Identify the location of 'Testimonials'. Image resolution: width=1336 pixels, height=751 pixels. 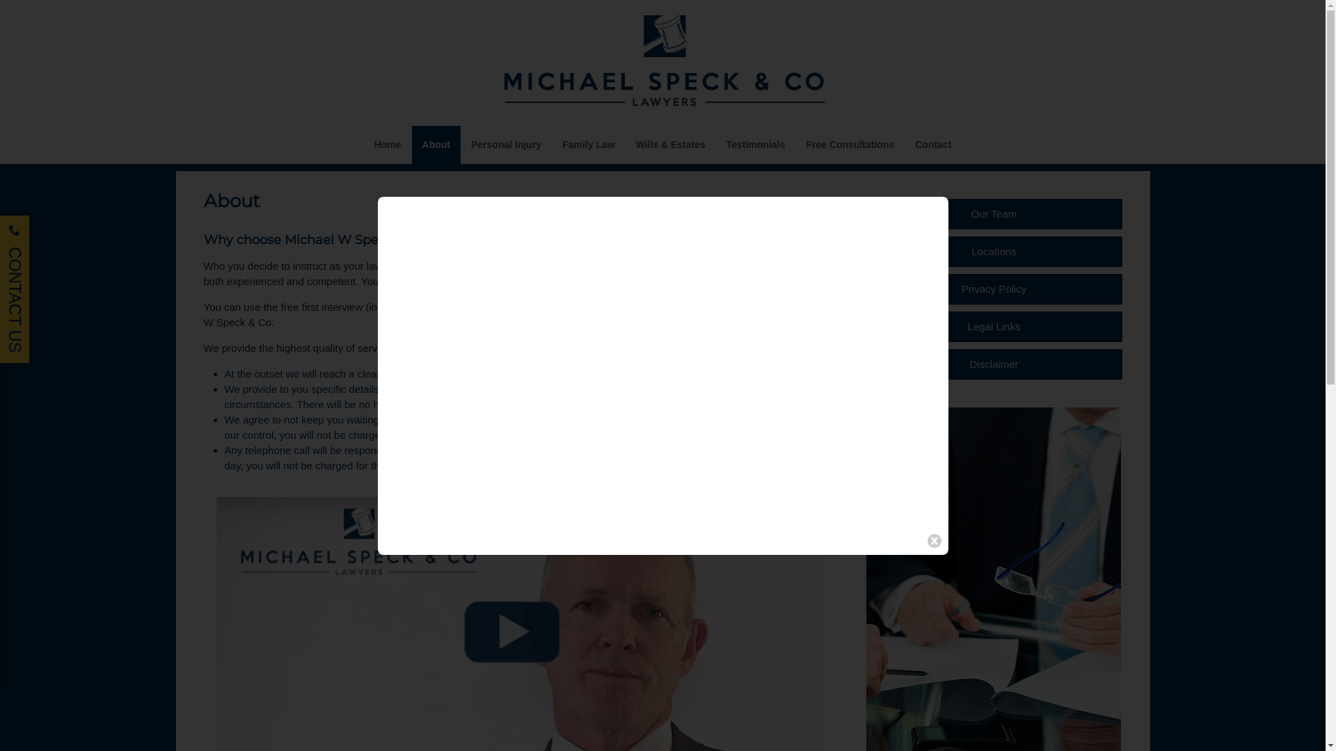
(755, 145).